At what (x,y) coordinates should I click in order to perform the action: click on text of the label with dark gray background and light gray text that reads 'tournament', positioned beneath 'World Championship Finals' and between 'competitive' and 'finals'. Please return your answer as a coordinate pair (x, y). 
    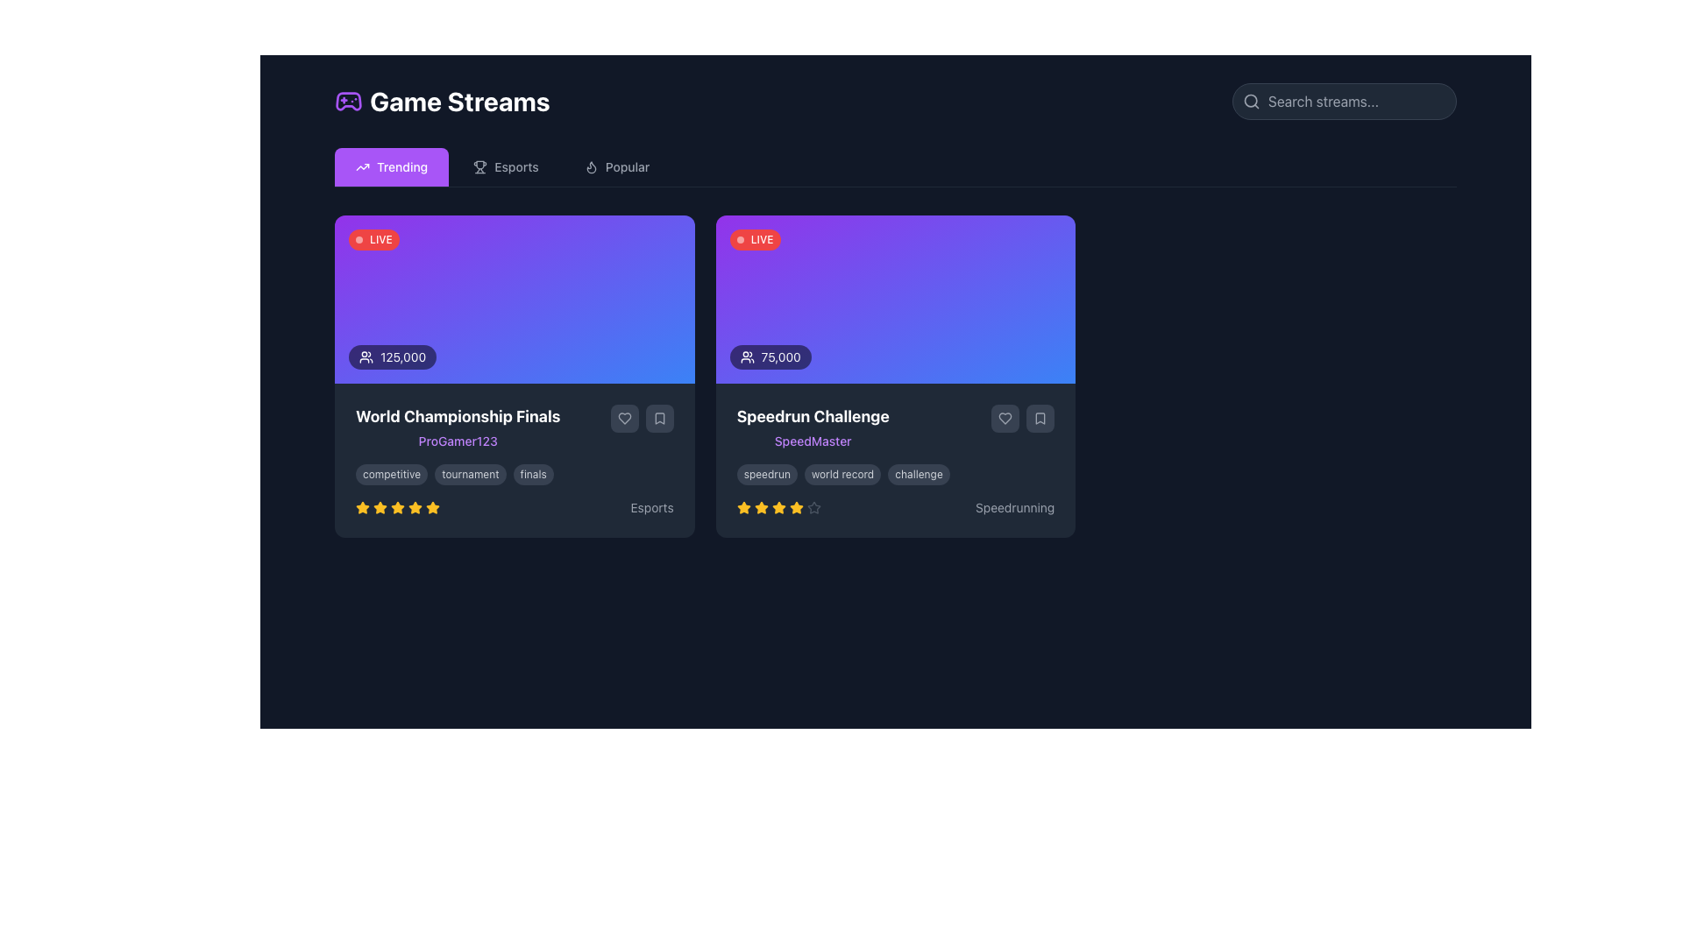
    Looking at the image, I should click on (470, 475).